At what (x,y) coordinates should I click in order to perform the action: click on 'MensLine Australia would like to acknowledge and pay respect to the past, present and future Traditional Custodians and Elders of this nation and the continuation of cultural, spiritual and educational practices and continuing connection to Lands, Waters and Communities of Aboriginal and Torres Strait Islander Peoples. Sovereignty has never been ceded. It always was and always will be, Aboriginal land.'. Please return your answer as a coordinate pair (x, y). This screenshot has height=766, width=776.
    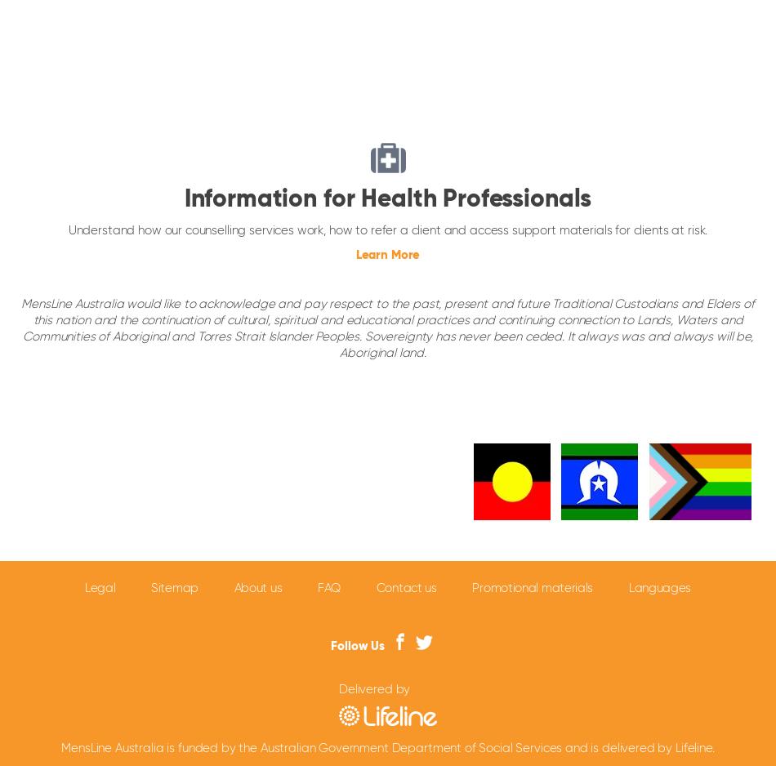
    Looking at the image, I should click on (386, 327).